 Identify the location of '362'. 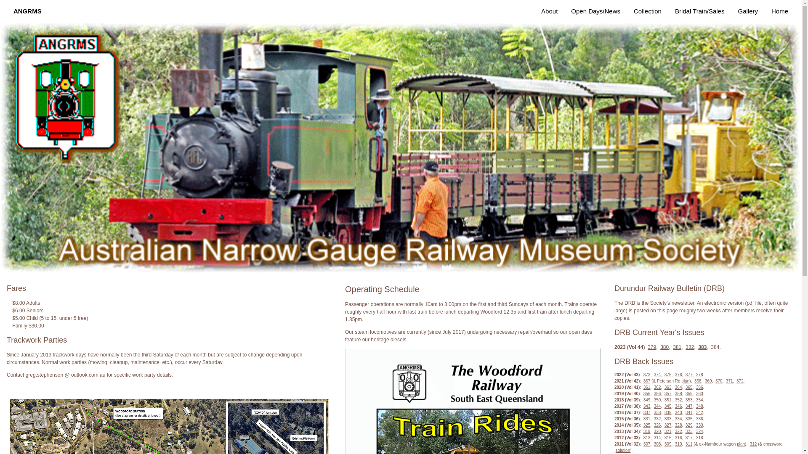
(657, 387).